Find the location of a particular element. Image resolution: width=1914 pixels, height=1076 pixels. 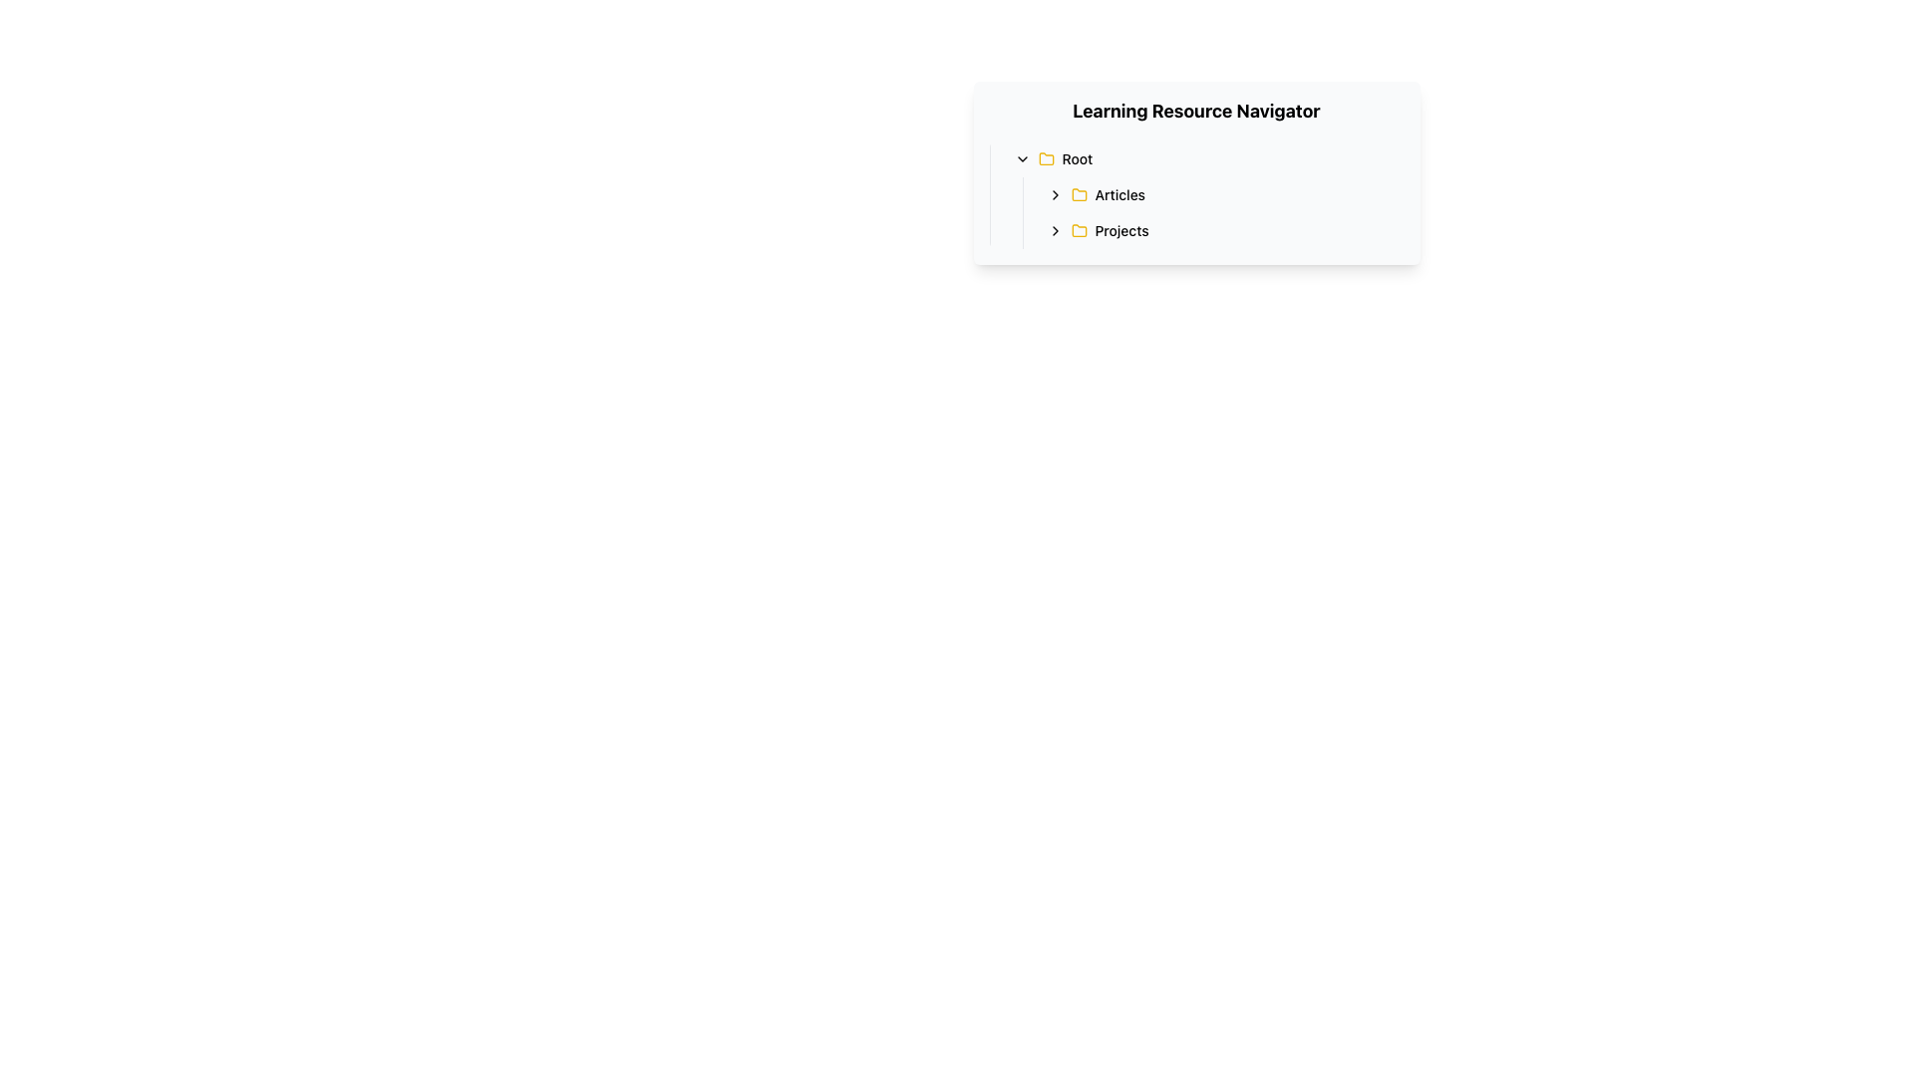

the folder icon representing the 'Root' node in the Learning Resource Navigator is located at coordinates (1045, 157).